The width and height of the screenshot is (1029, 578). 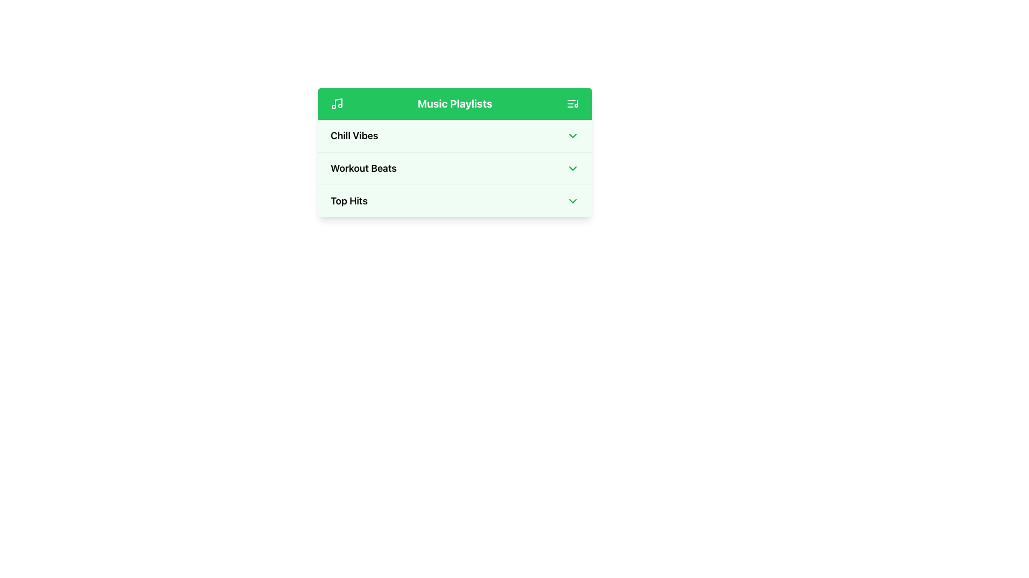 What do you see at coordinates (455, 135) in the screenshot?
I see `the 'Chill Vibes' music playlist list item` at bounding box center [455, 135].